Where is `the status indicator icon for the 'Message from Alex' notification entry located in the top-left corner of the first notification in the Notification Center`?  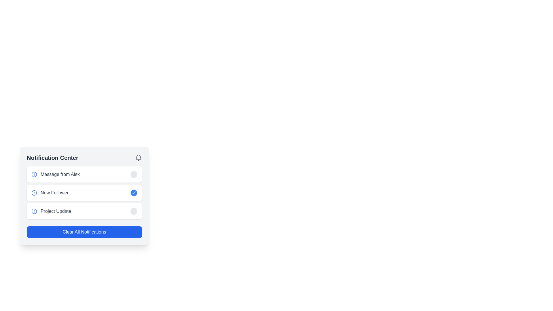 the status indicator icon for the 'Message from Alex' notification entry located in the top-left corner of the first notification in the Notification Center is located at coordinates (34, 174).